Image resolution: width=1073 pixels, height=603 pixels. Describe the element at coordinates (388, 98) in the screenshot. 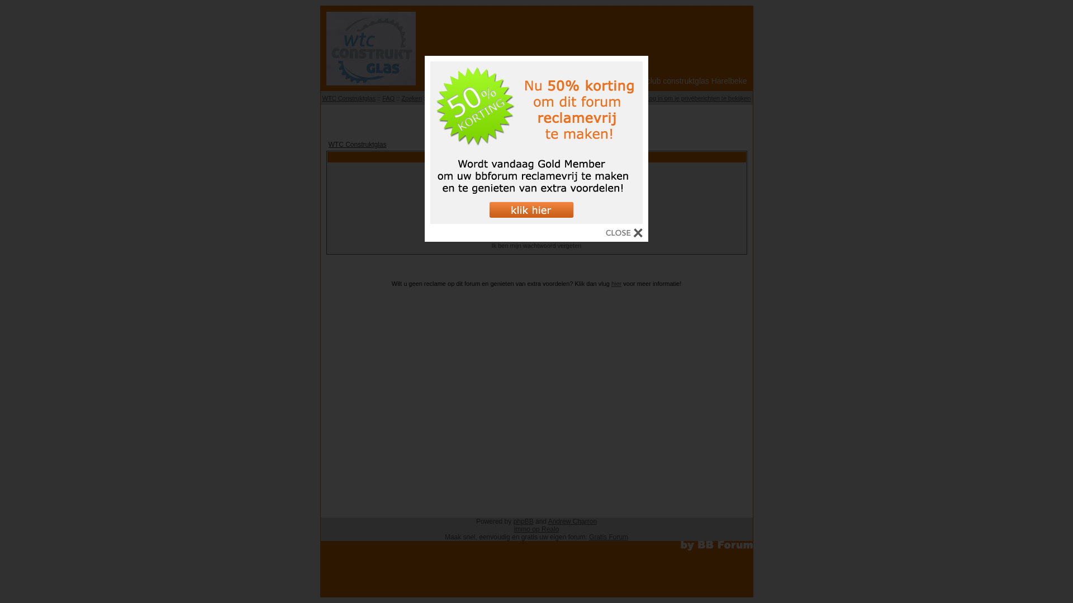

I see `'FAQ'` at that location.